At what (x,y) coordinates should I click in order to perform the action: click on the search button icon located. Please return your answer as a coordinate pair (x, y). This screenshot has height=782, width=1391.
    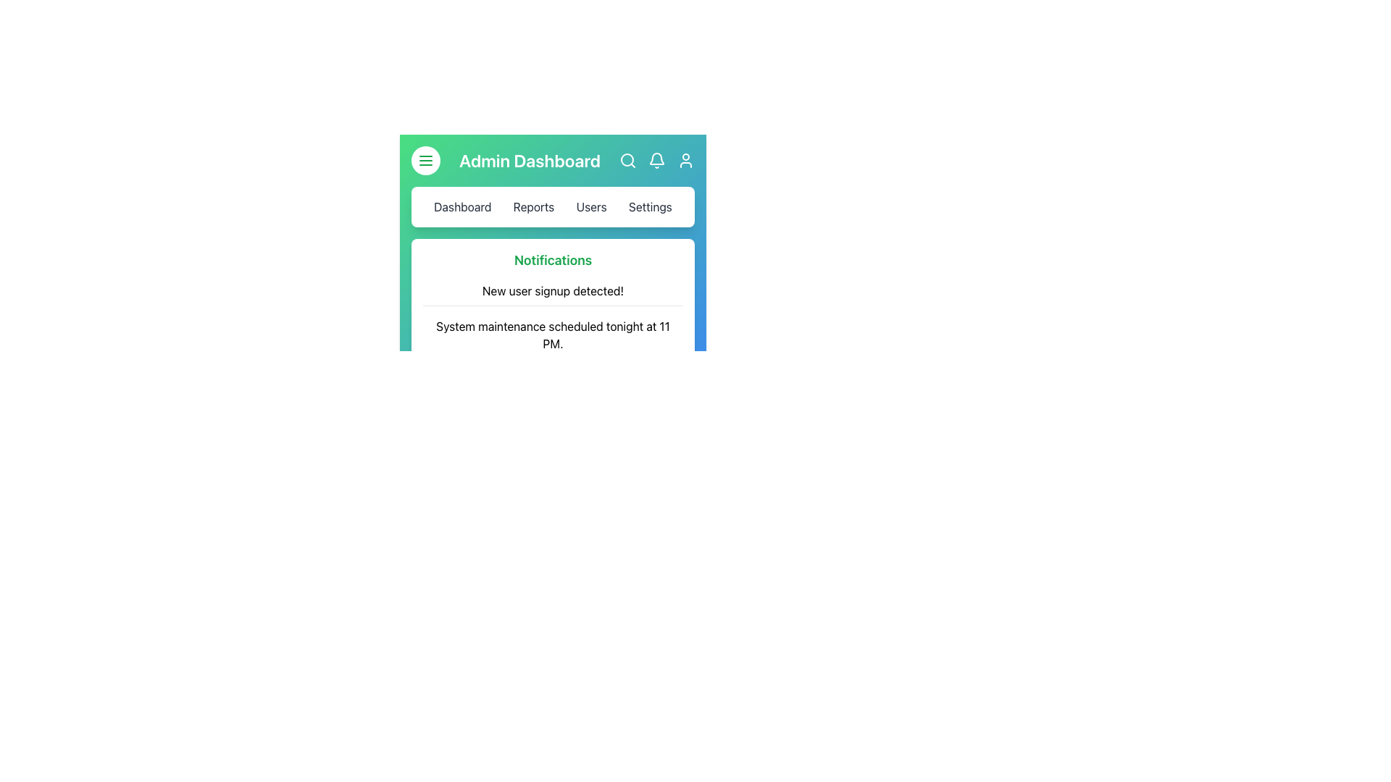
    Looking at the image, I should click on (628, 161).